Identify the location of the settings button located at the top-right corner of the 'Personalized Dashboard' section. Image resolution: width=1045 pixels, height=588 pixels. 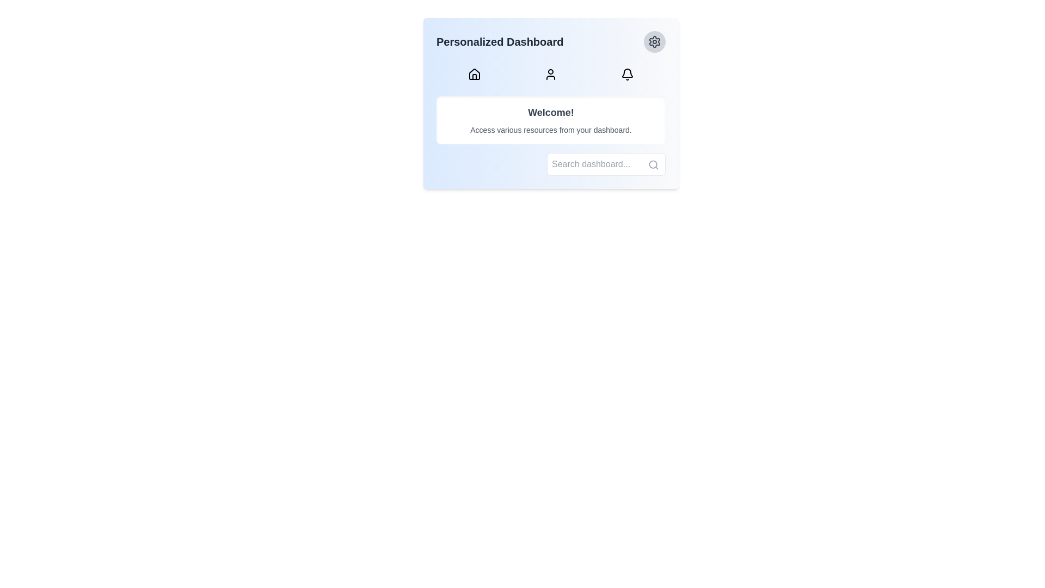
(654, 41).